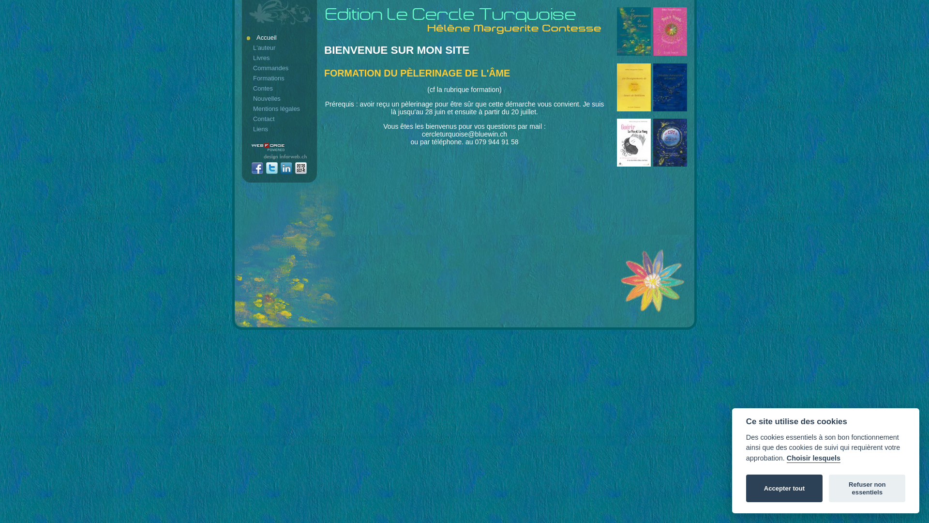 This screenshot has height=523, width=929. I want to click on 'Formations', so click(280, 77).